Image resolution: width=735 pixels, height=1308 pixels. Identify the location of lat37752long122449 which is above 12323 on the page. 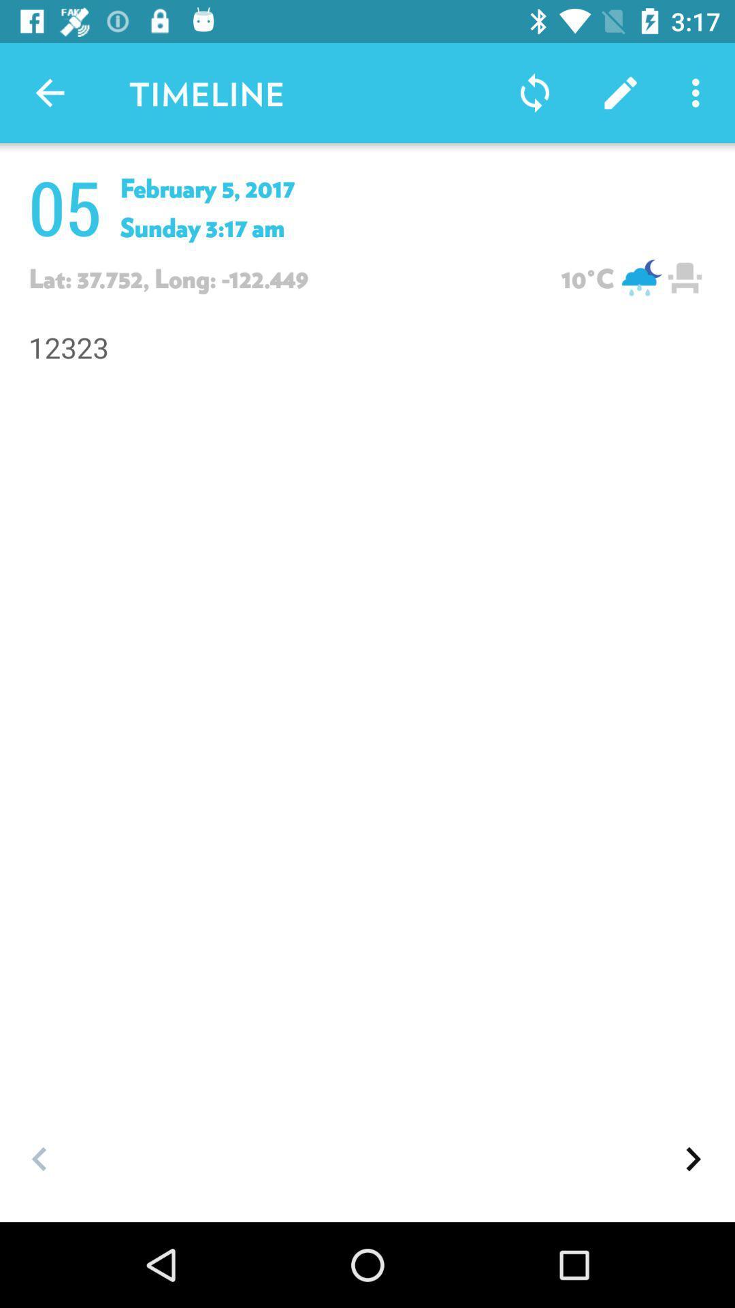
(283, 277).